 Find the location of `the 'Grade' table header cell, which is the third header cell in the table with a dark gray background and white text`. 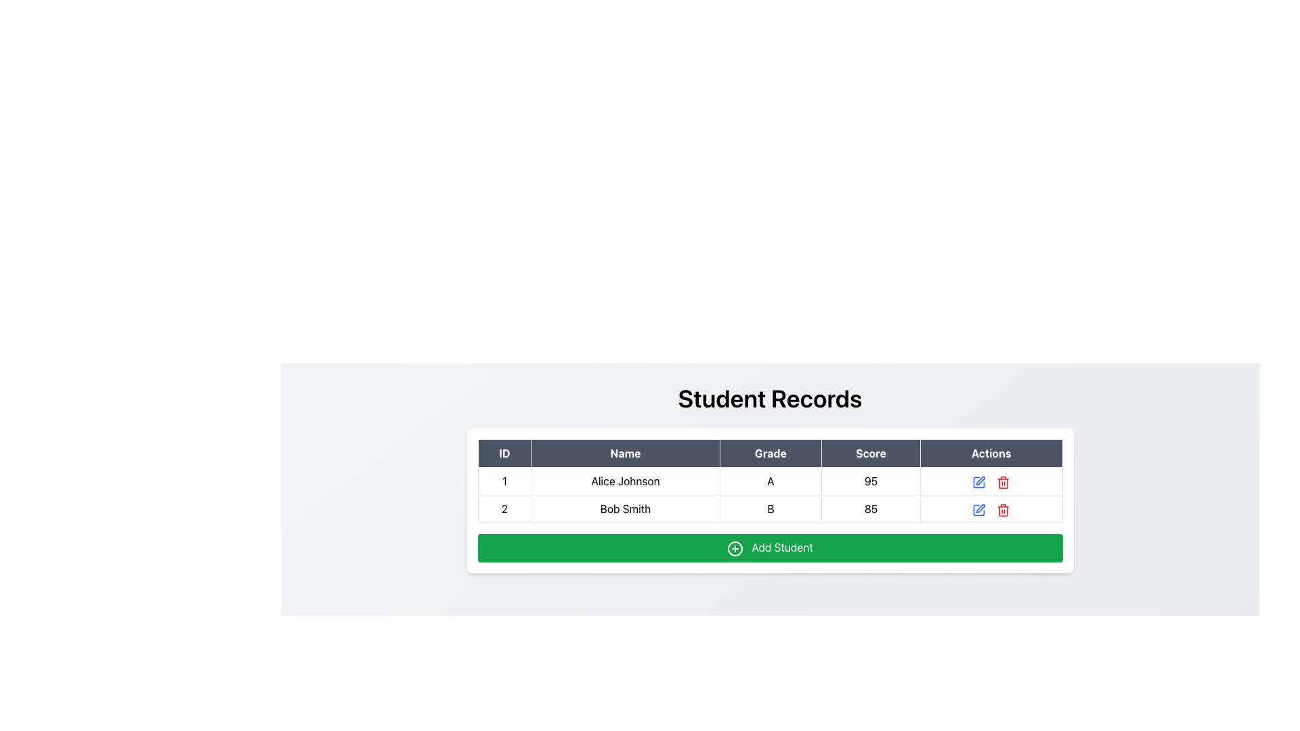

the 'Grade' table header cell, which is the third header cell in the table with a dark gray background and white text is located at coordinates (771, 453).